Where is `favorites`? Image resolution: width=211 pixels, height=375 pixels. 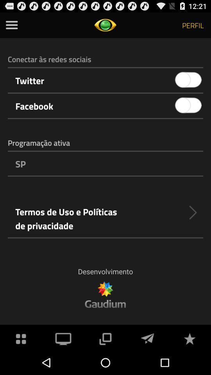 favorites is located at coordinates (189, 337).